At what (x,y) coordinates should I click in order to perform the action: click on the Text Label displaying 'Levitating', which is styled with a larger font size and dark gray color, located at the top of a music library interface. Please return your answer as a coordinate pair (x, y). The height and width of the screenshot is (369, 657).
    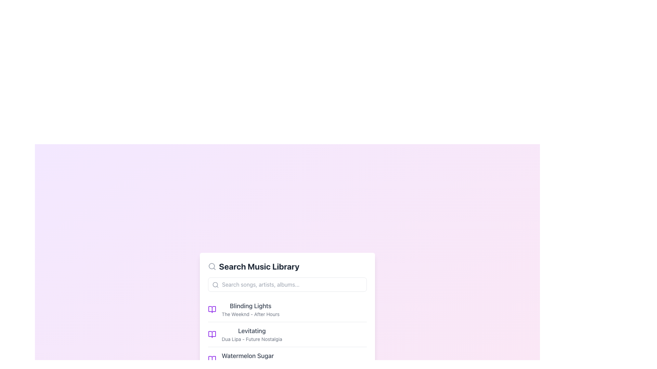
    Looking at the image, I should click on (252, 330).